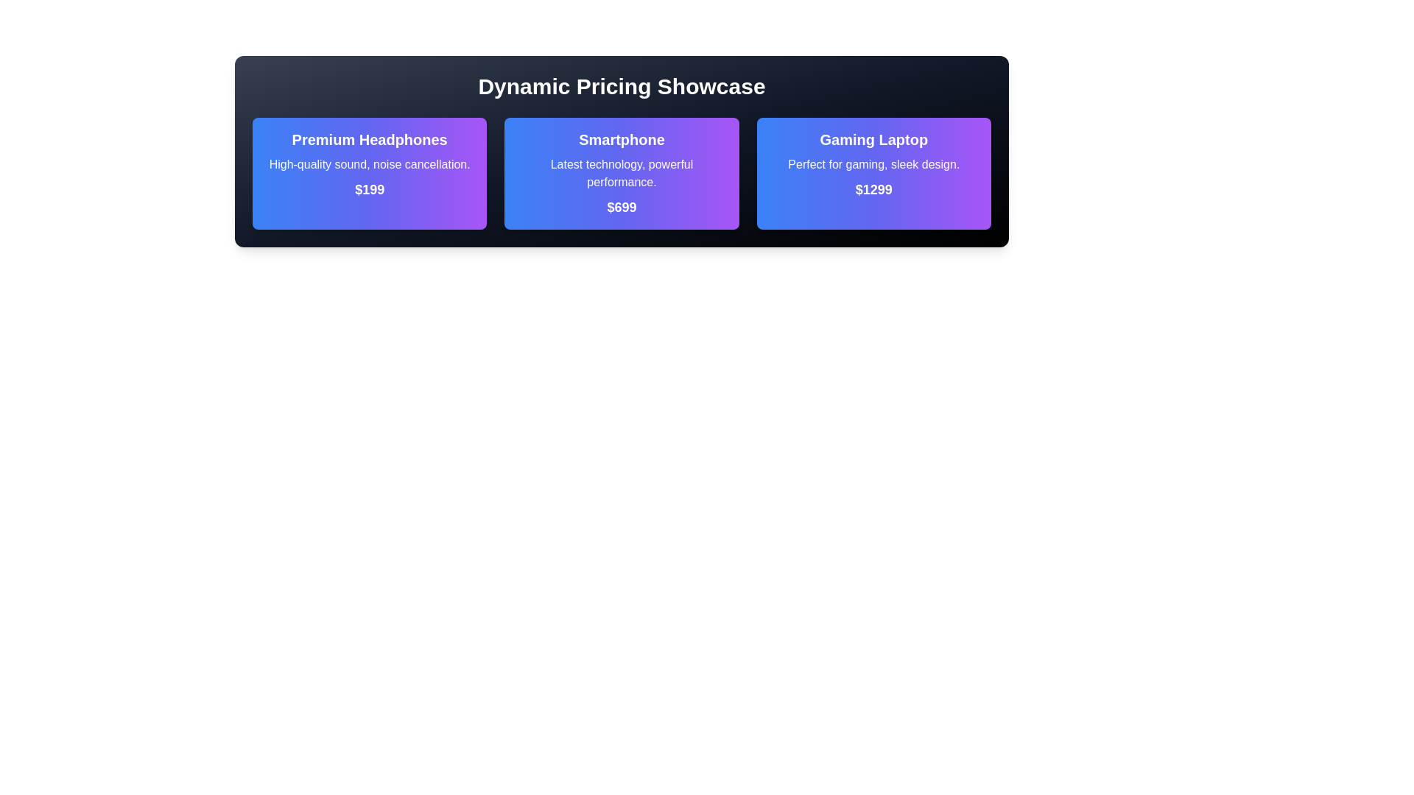 The height and width of the screenshot is (795, 1414). I want to click on the bold text label reading 'Smartphone', which is centrally positioned in the second card of three horizontally displayed cards, styled with white text on a gradient blue-to-purple background, so click(622, 139).